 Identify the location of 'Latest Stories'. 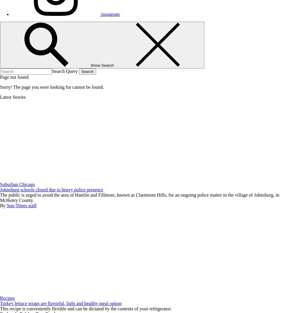
(13, 97).